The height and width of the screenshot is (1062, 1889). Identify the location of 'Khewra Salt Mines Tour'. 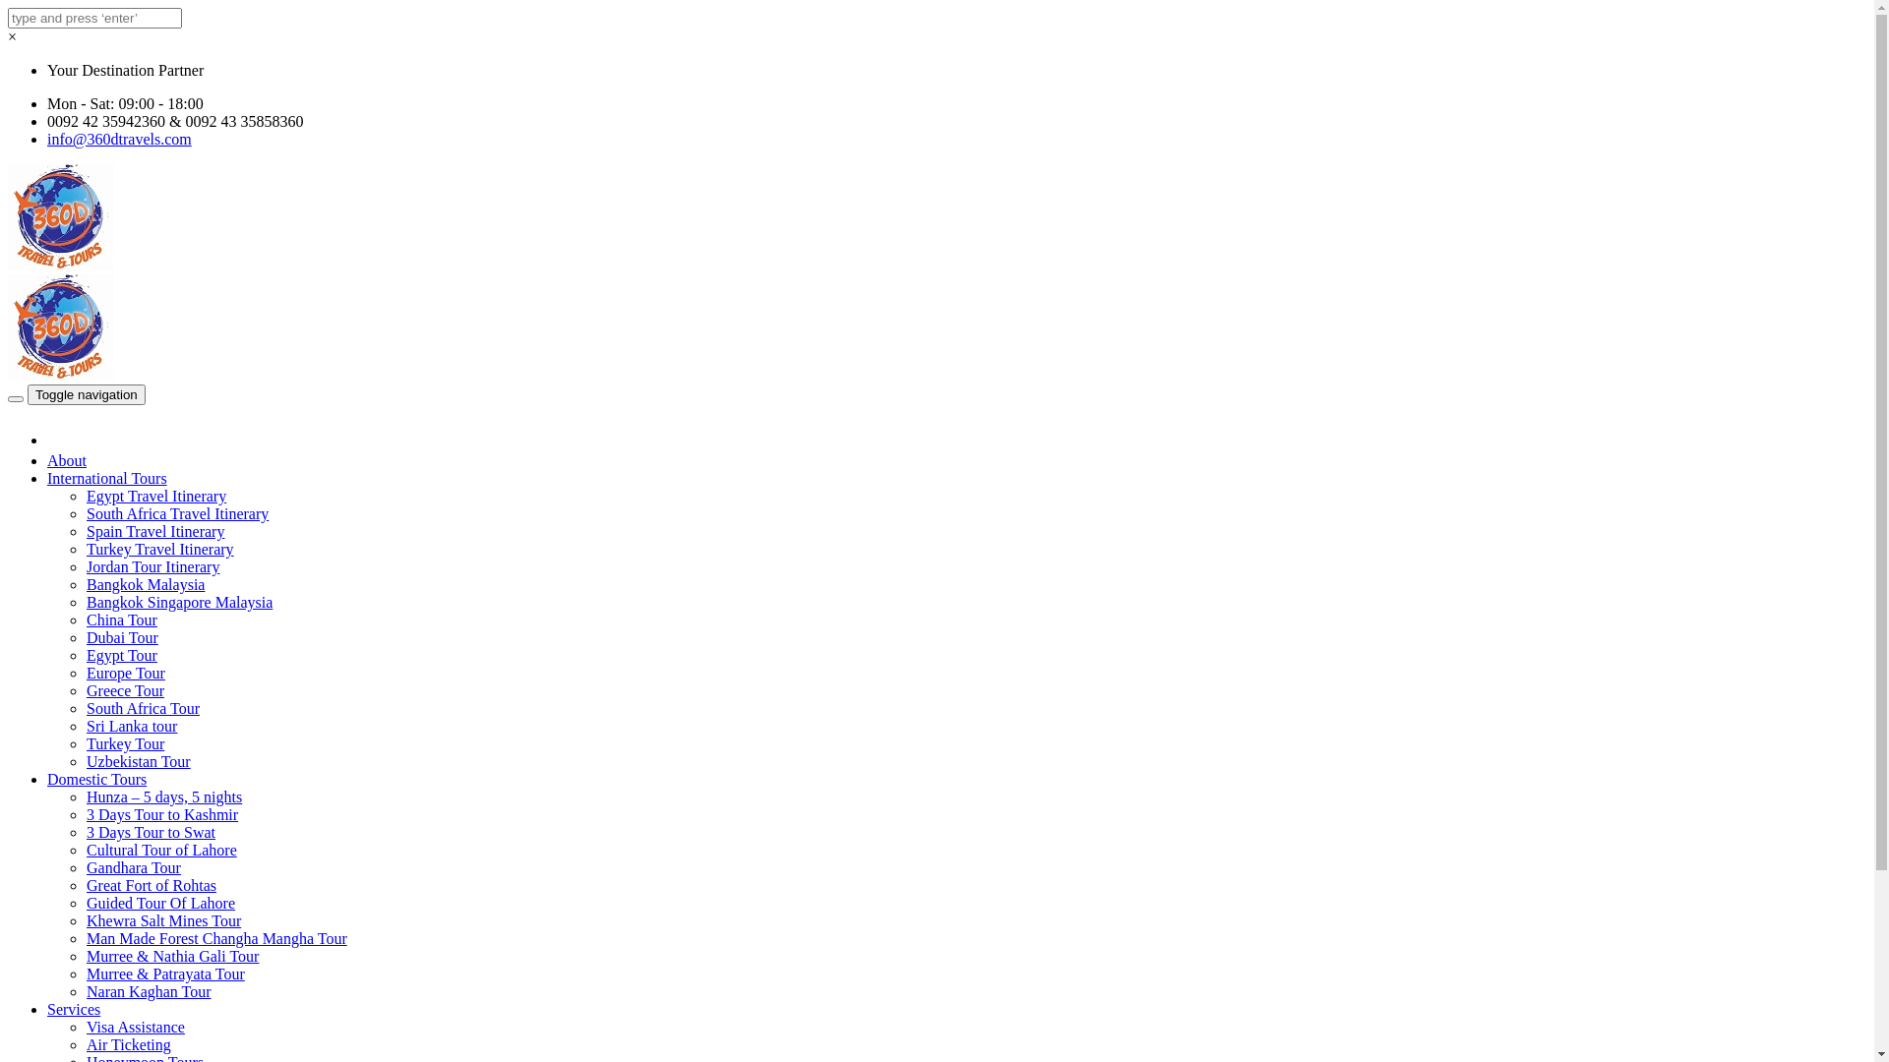
(163, 920).